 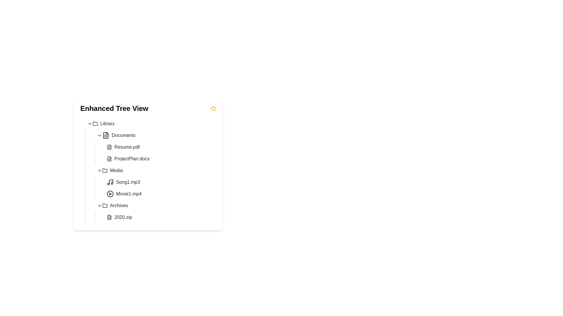 I want to click on informational text label named 'Archives' located in the 'Enhanced Tree View' interface under the 'Library' section, next to the folder icon, so click(x=118, y=205).